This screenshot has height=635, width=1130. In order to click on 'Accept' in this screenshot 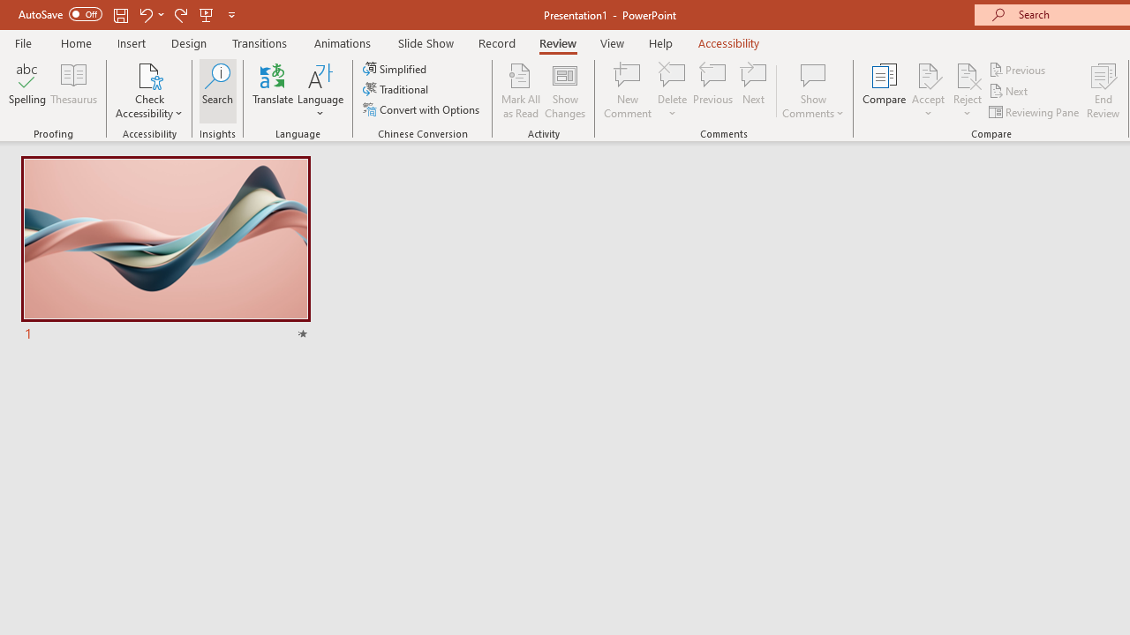, I will do `click(927, 91)`.